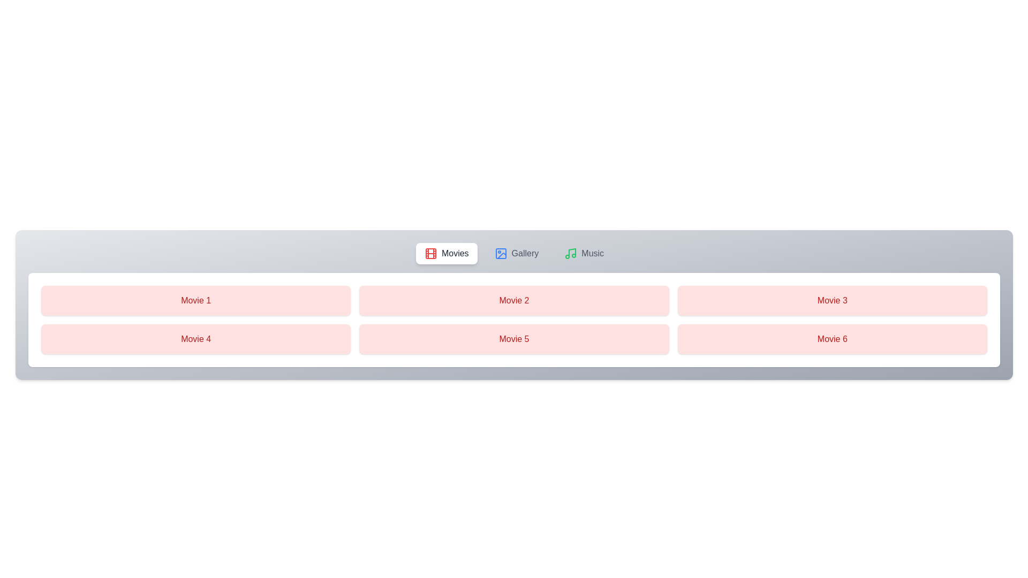  Describe the element at coordinates (584, 254) in the screenshot. I see `the tab labeled Music to observe its visual feedback` at that location.